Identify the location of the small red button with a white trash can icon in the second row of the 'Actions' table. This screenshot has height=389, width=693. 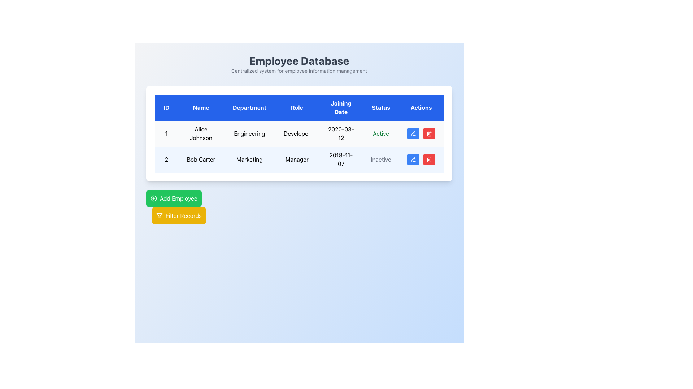
(429, 159).